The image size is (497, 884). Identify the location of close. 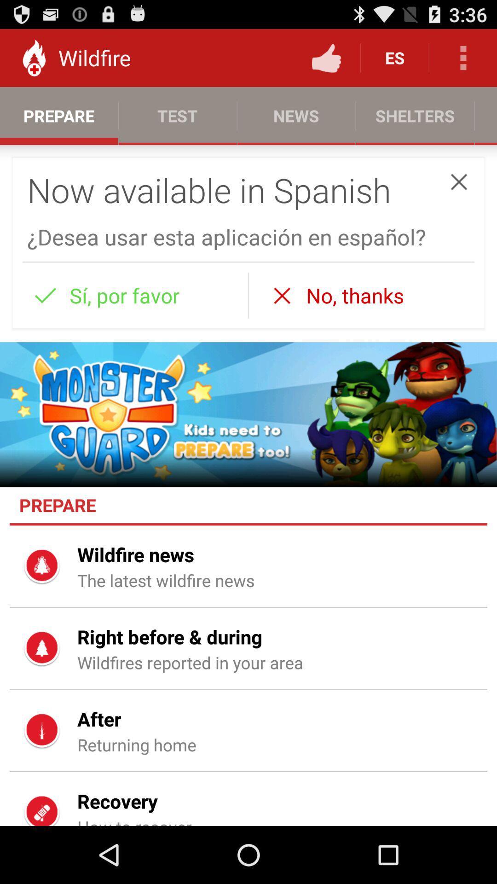
(459, 182).